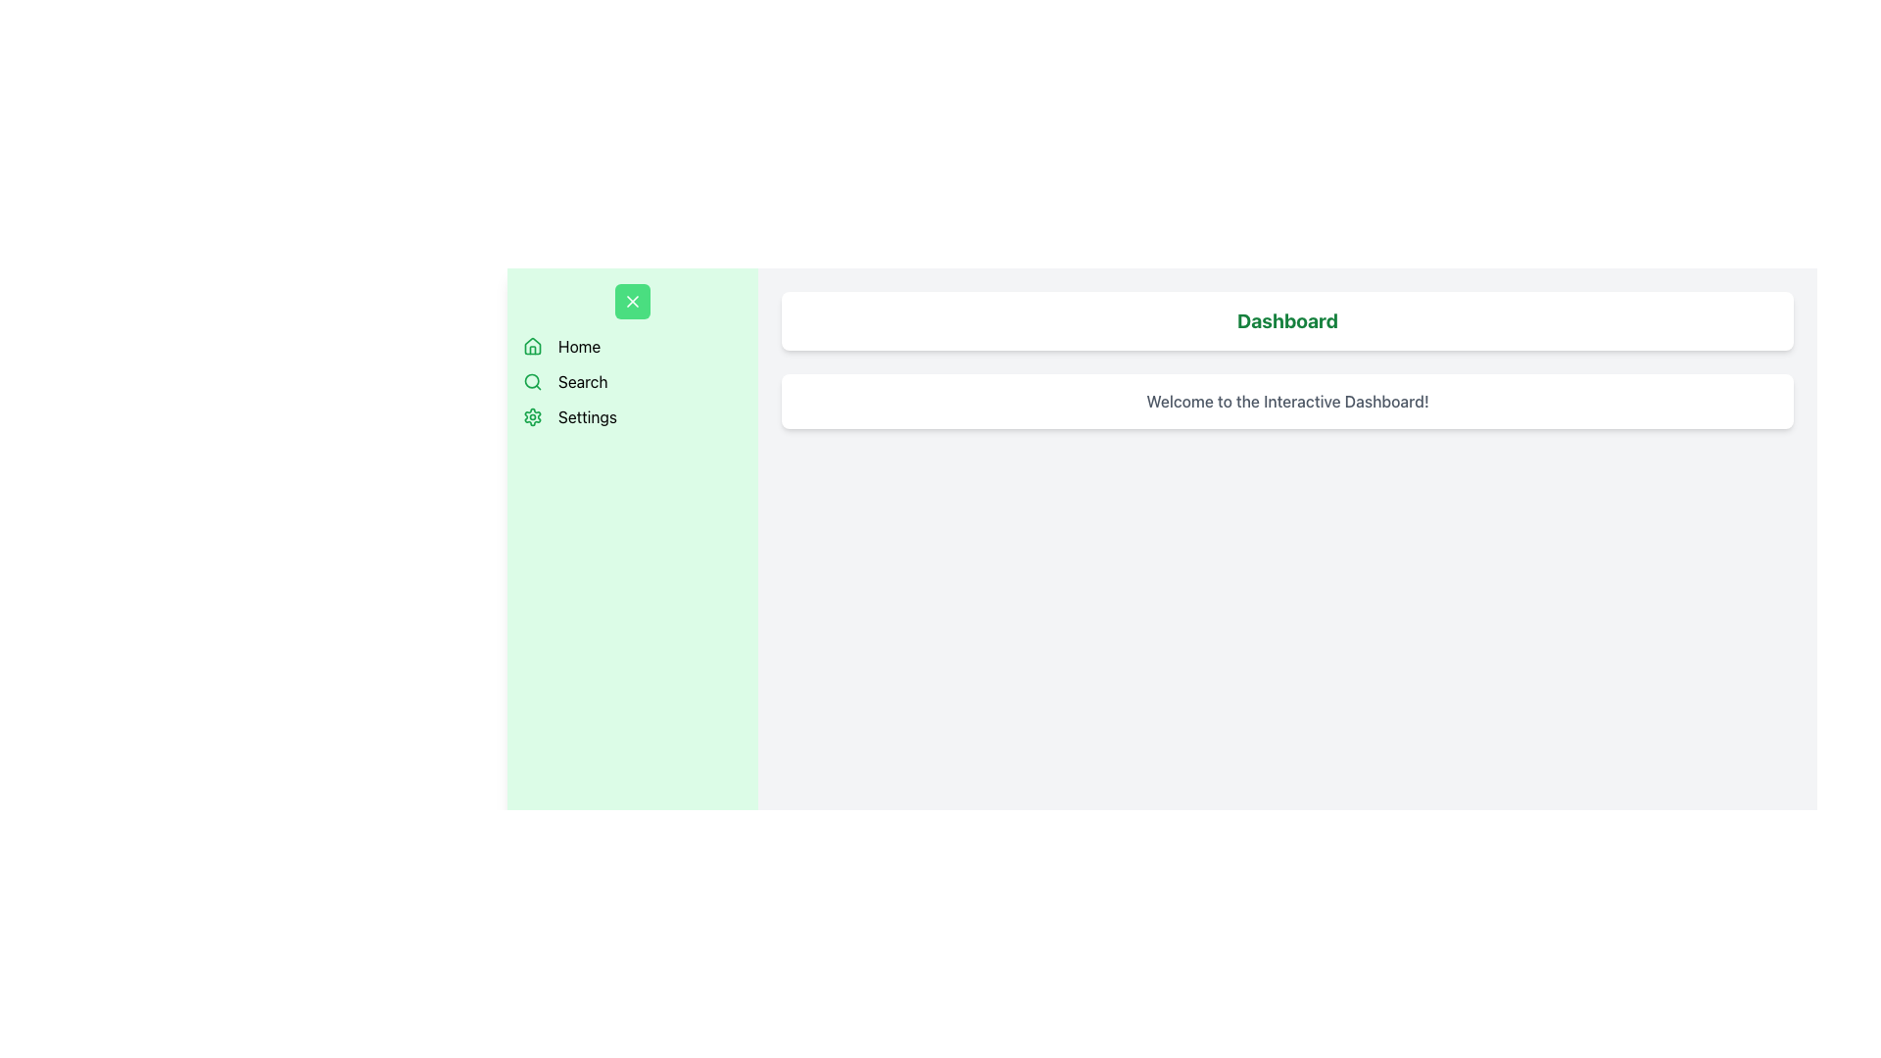 The image size is (1881, 1058). Describe the element at coordinates (532, 381) in the screenshot. I see `the search icon located in the vertical navigation panel, which is the second icon from the top, to activate the search functionality` at that location.